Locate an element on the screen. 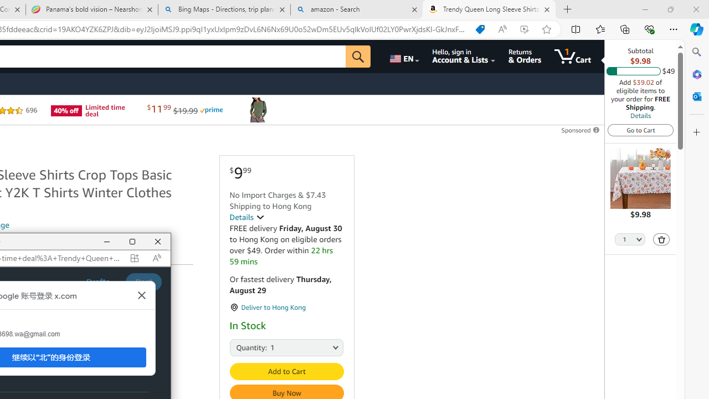  'Returns & Orders' is located at coordinates (524, 56).